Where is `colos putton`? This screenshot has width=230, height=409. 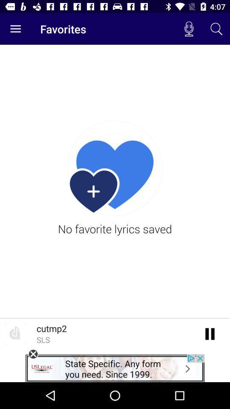
colos putton is located at coordinates (33, 354).